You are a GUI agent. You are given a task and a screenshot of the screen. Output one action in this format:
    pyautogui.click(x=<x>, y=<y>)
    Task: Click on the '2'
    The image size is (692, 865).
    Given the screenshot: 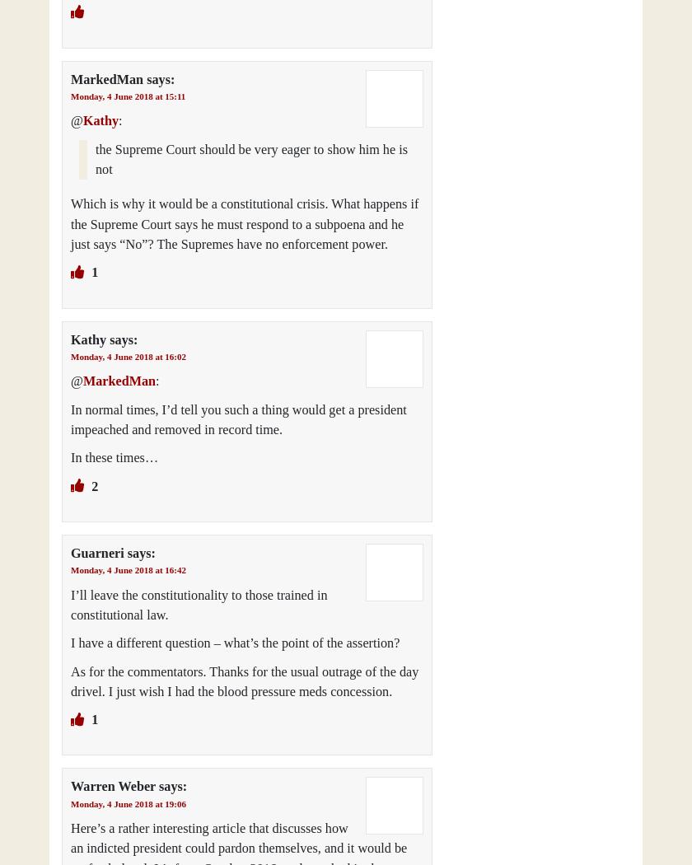 What is the action you would take?
    pyautogui.click(x=91, y=484)
    